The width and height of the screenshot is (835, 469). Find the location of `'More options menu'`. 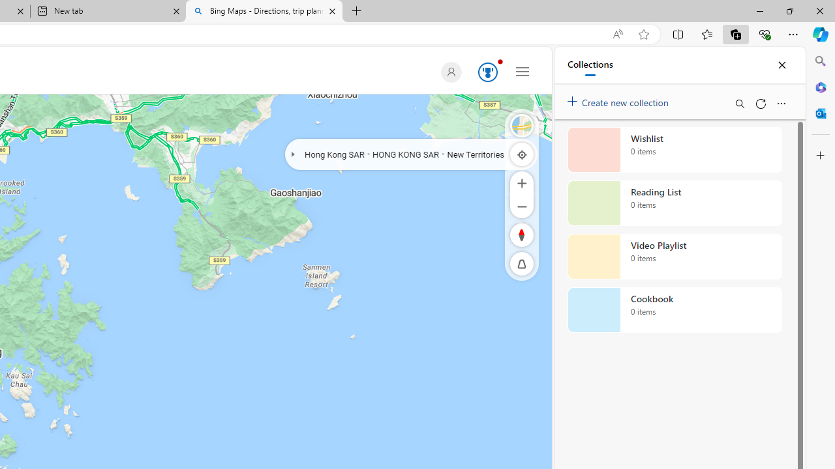

'More options menu' is located at coordinates (781, 103).